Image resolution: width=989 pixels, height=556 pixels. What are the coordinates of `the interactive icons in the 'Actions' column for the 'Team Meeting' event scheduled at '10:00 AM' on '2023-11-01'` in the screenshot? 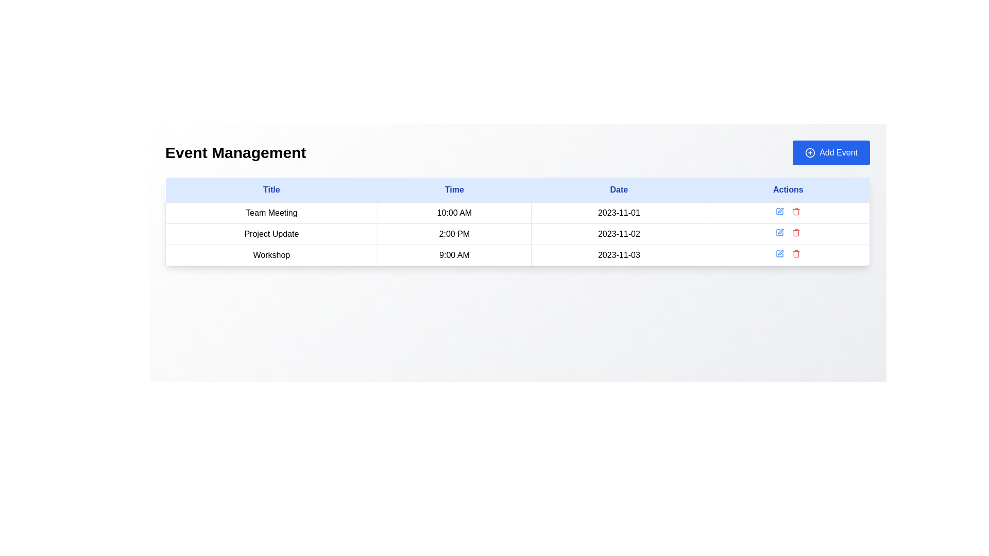 It's located at (788, 212).